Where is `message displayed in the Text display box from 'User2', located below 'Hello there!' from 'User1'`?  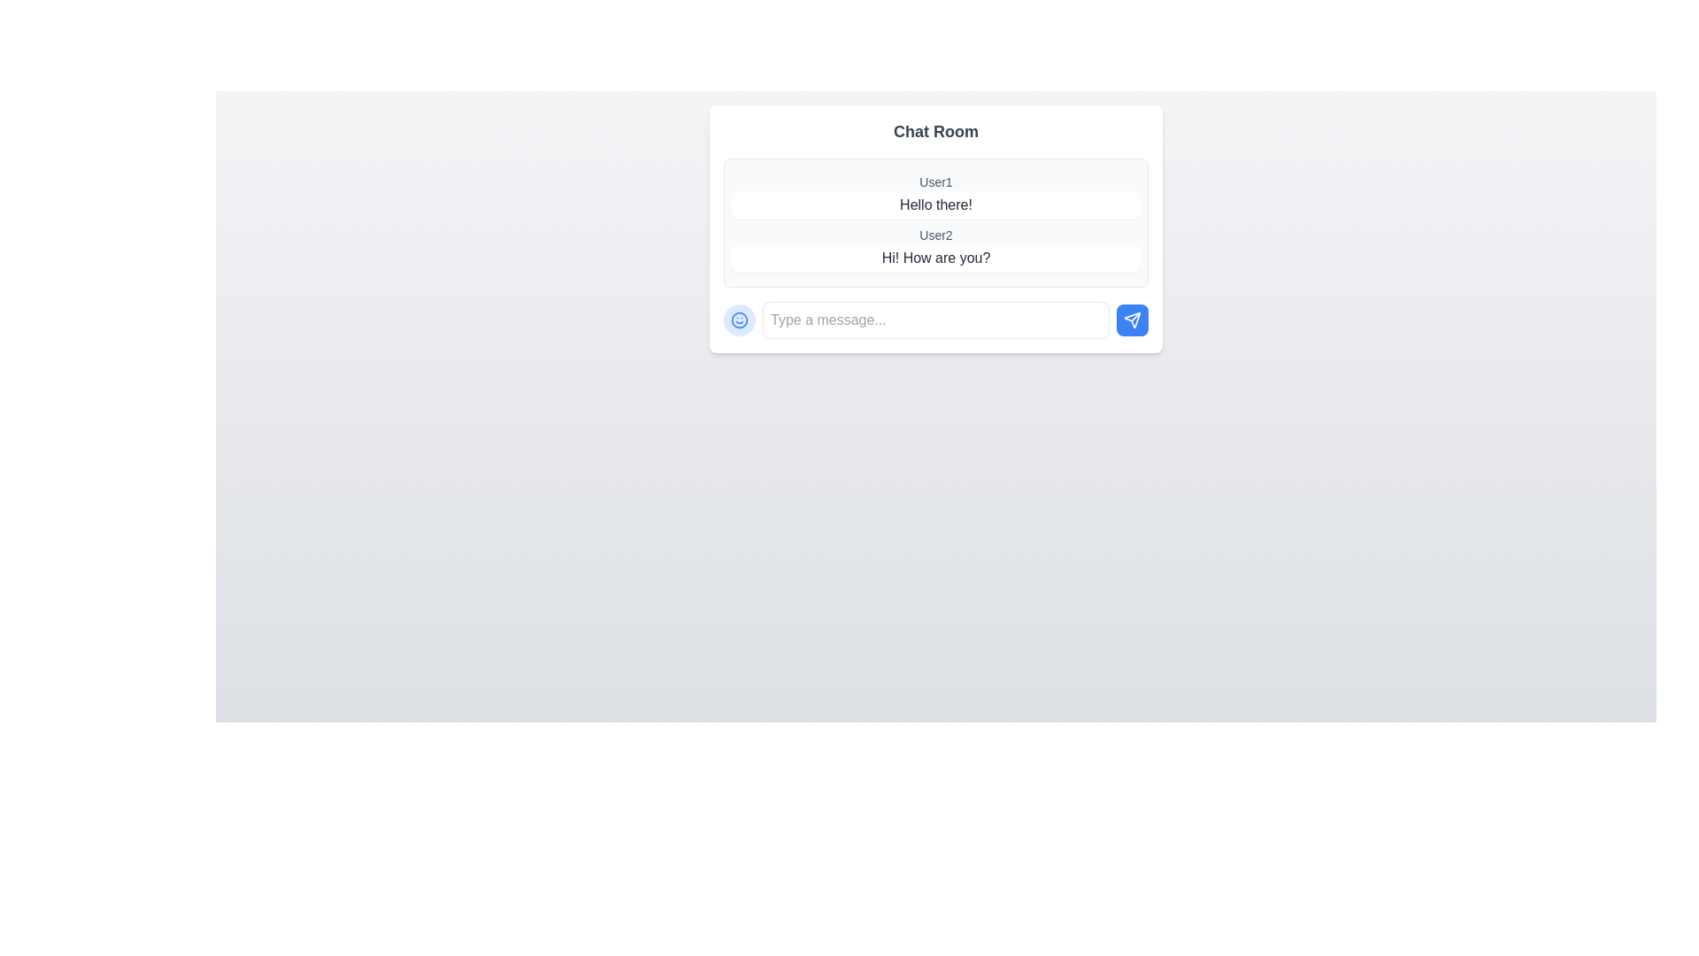
message displayed in the Text display box from 'User2', located below 'Hello there!' from 'User1' is located at coordinates (934, 258).